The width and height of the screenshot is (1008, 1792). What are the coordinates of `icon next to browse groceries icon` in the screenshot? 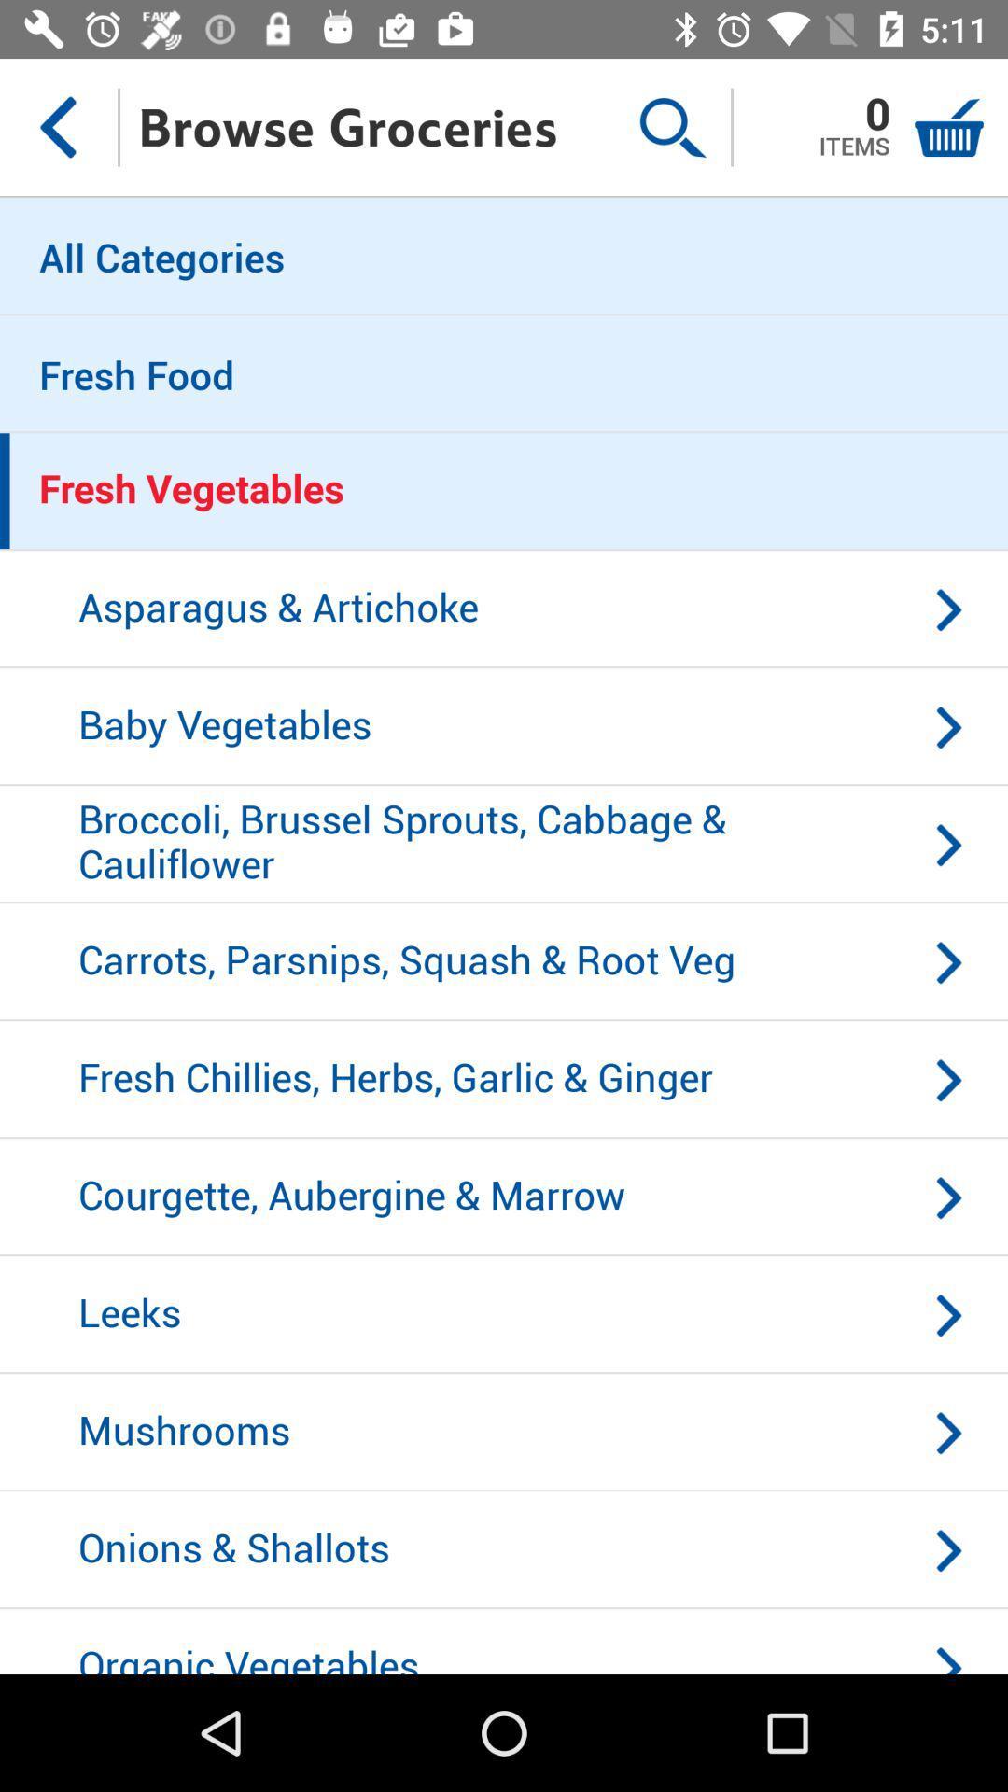 It's located at (672, 126).